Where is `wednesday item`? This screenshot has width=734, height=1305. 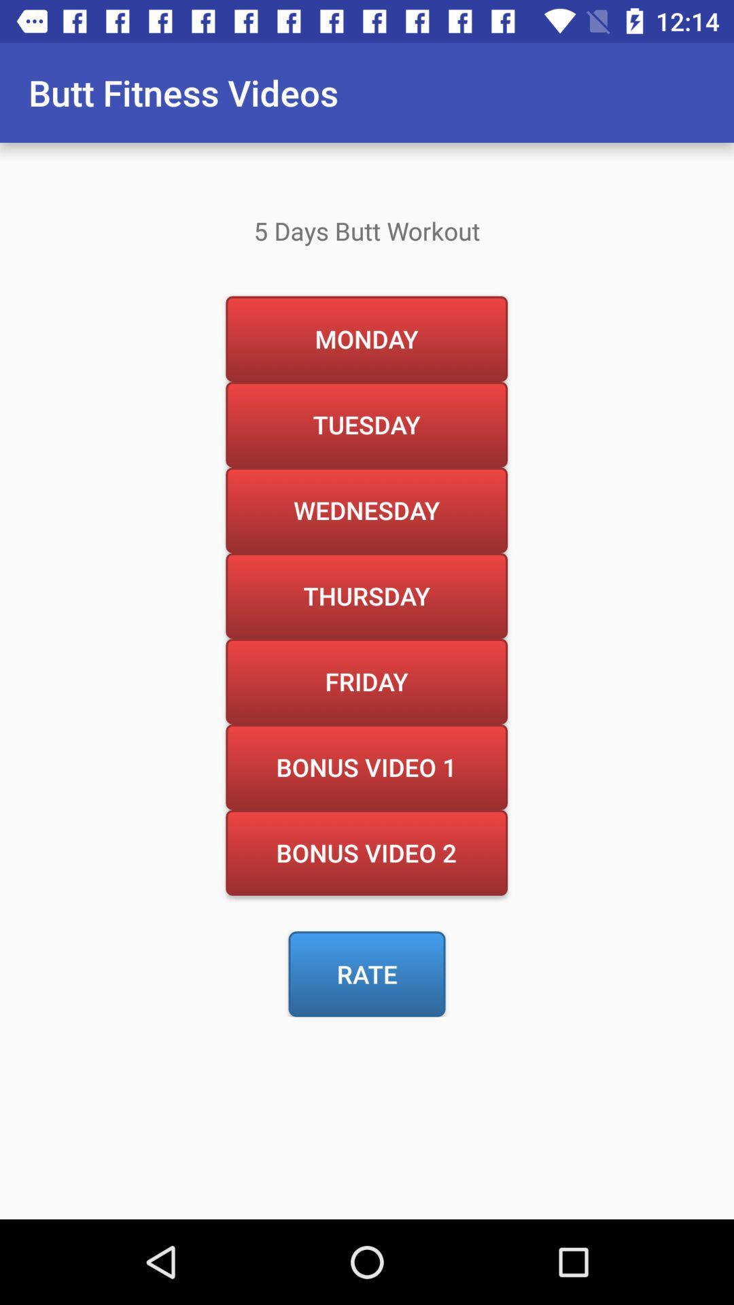 wednesday item is located at coordinates (366, 509).